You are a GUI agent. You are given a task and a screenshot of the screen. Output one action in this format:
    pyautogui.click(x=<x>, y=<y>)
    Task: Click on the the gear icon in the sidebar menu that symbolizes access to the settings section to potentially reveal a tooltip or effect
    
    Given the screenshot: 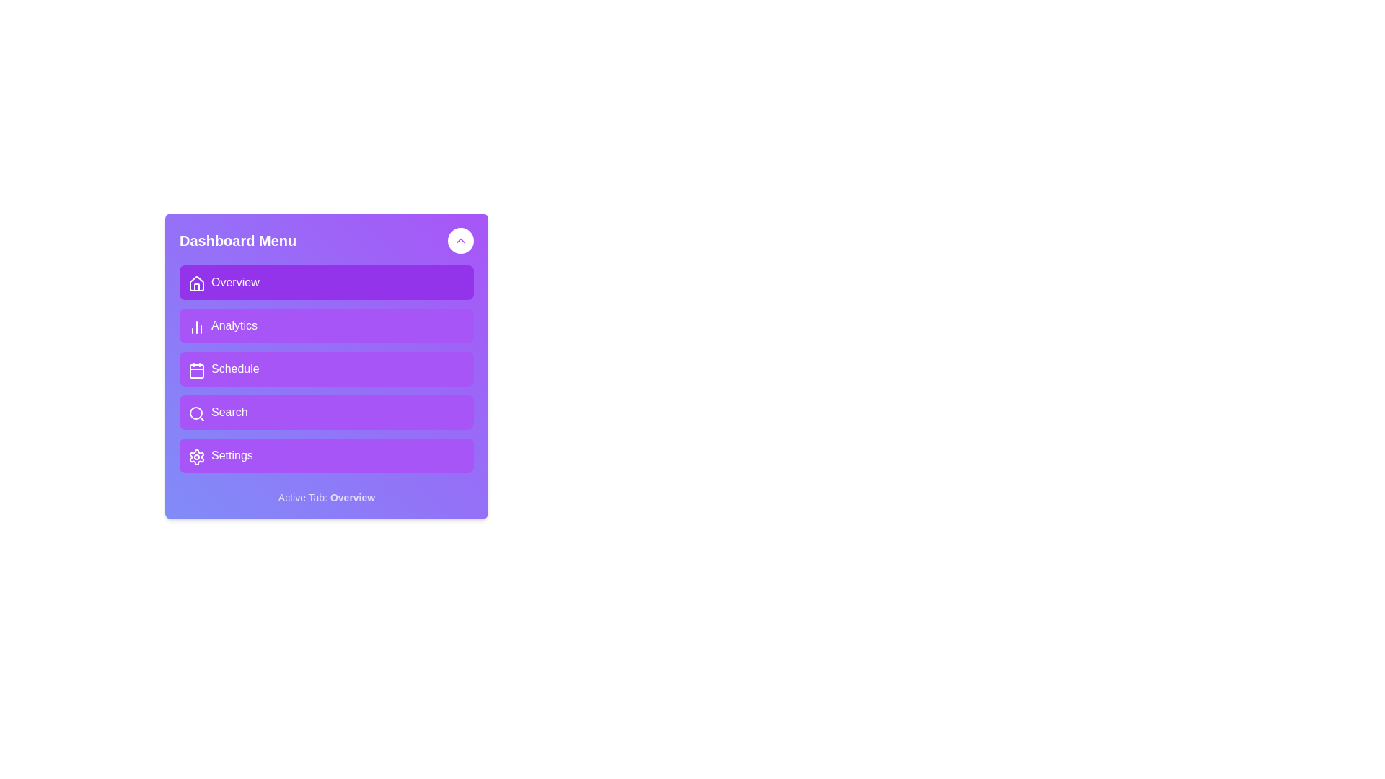 What is the action you would take?
    pyautogui.click(x=196, y=457)
    